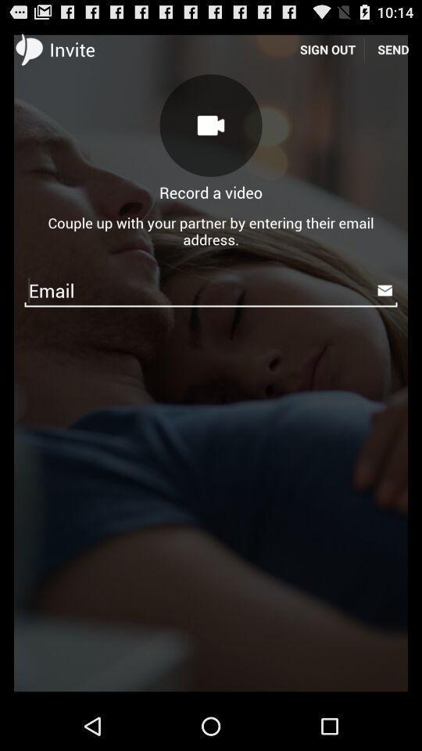 This screenshot has width=422, height=751. What do you see at coordinates (392, 49) in the screenshot?
I see `the icon next to sign out item` at bounding box center [392, 49].